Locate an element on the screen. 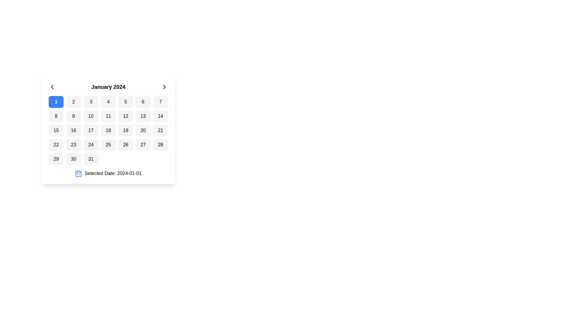 This screenshot has height=322, width=573. the clickable date item cell in the calendar grid that displays the date '31', which is located in the last cell of the last row is located at coordinates (90, 159).